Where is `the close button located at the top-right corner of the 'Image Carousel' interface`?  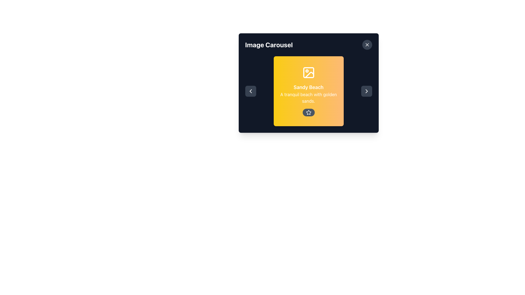
the close button located at the top-right corner of the 'Image Carousel' interface is located at coordinates (367, 45).